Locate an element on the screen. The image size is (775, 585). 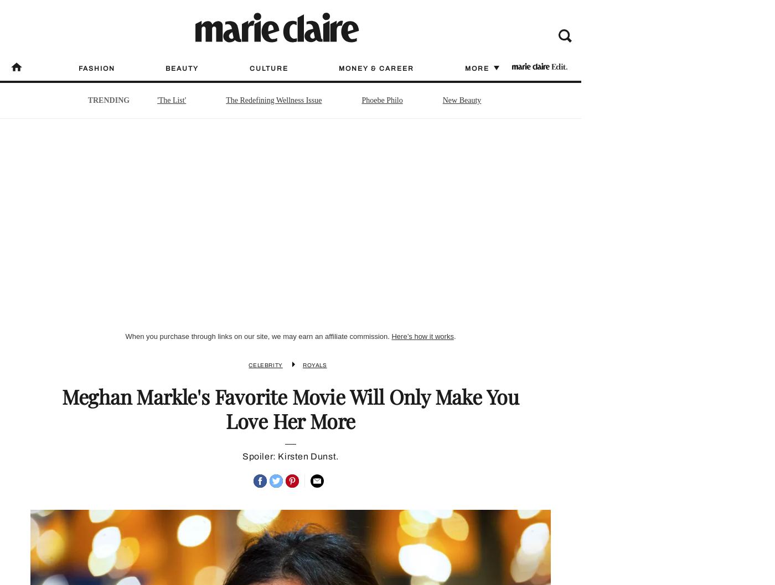
'Here’s how it works' is located at coordinates (422, 336).